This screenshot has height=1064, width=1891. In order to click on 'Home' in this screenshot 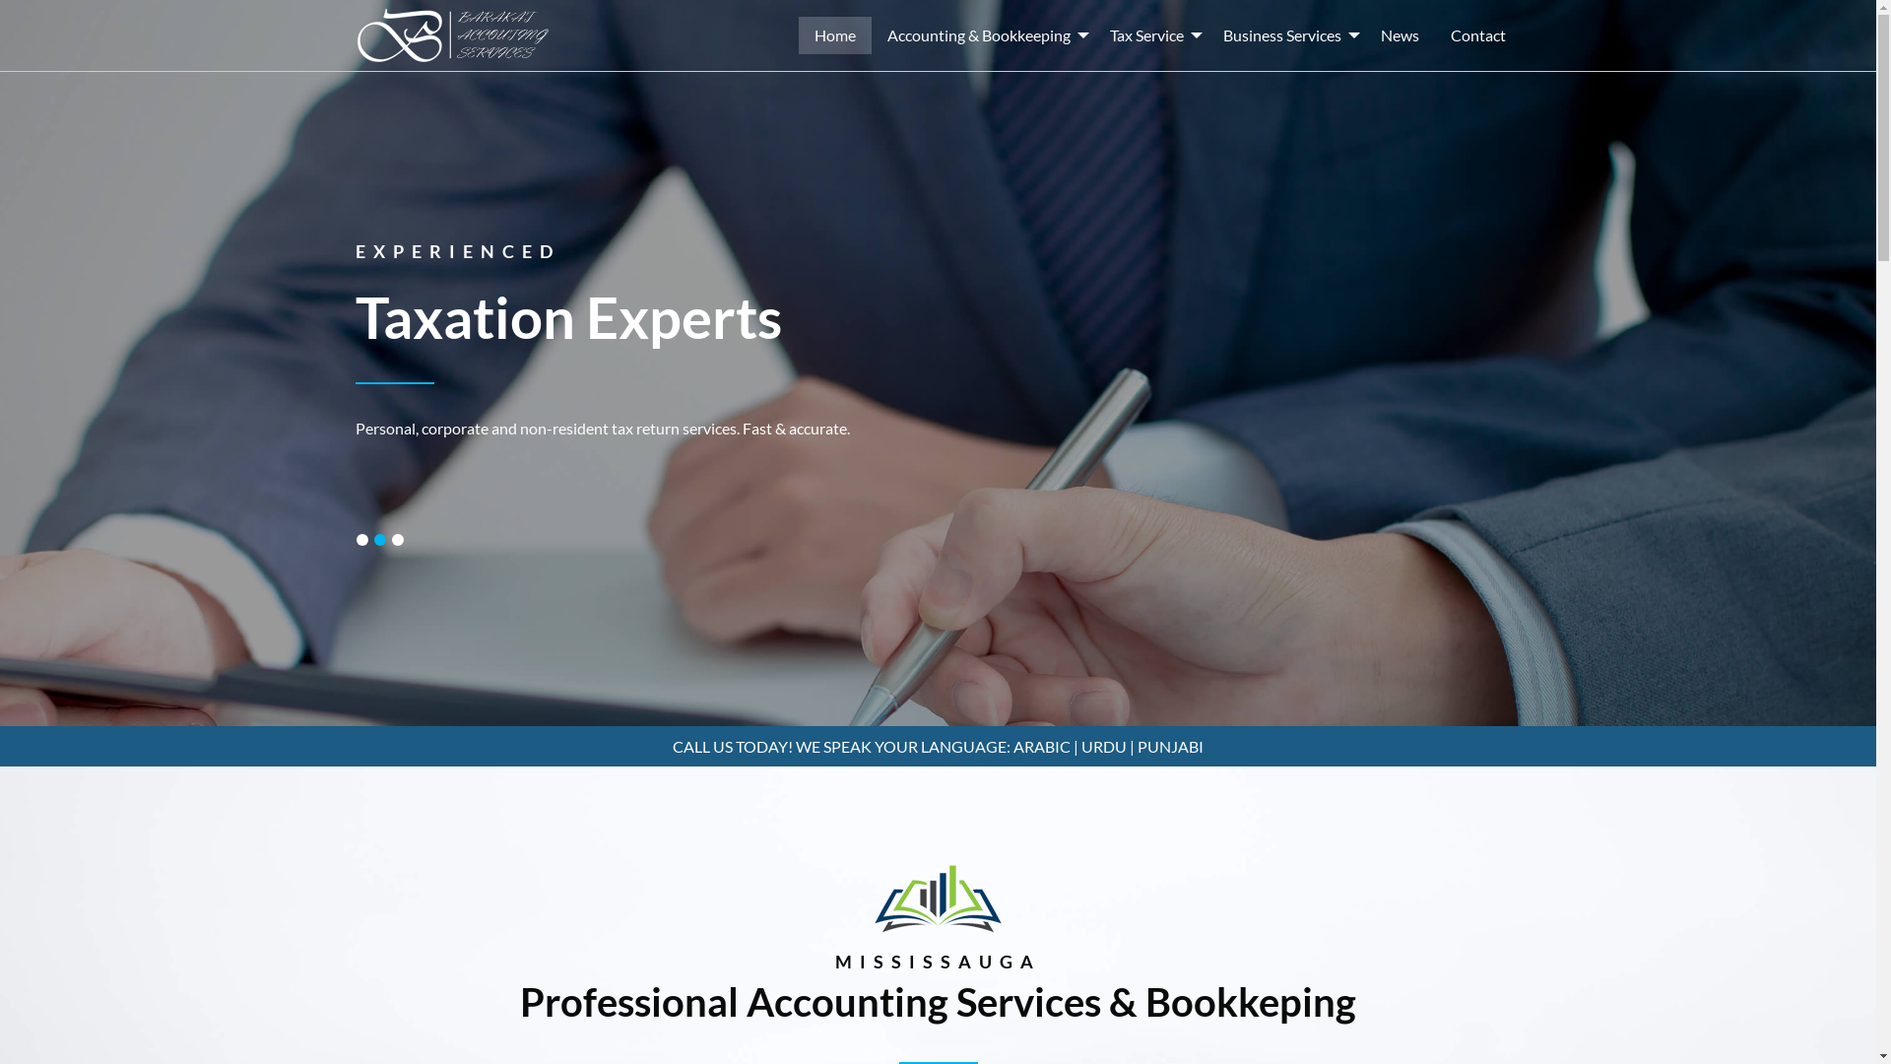, I will do `click(833, 34)`.